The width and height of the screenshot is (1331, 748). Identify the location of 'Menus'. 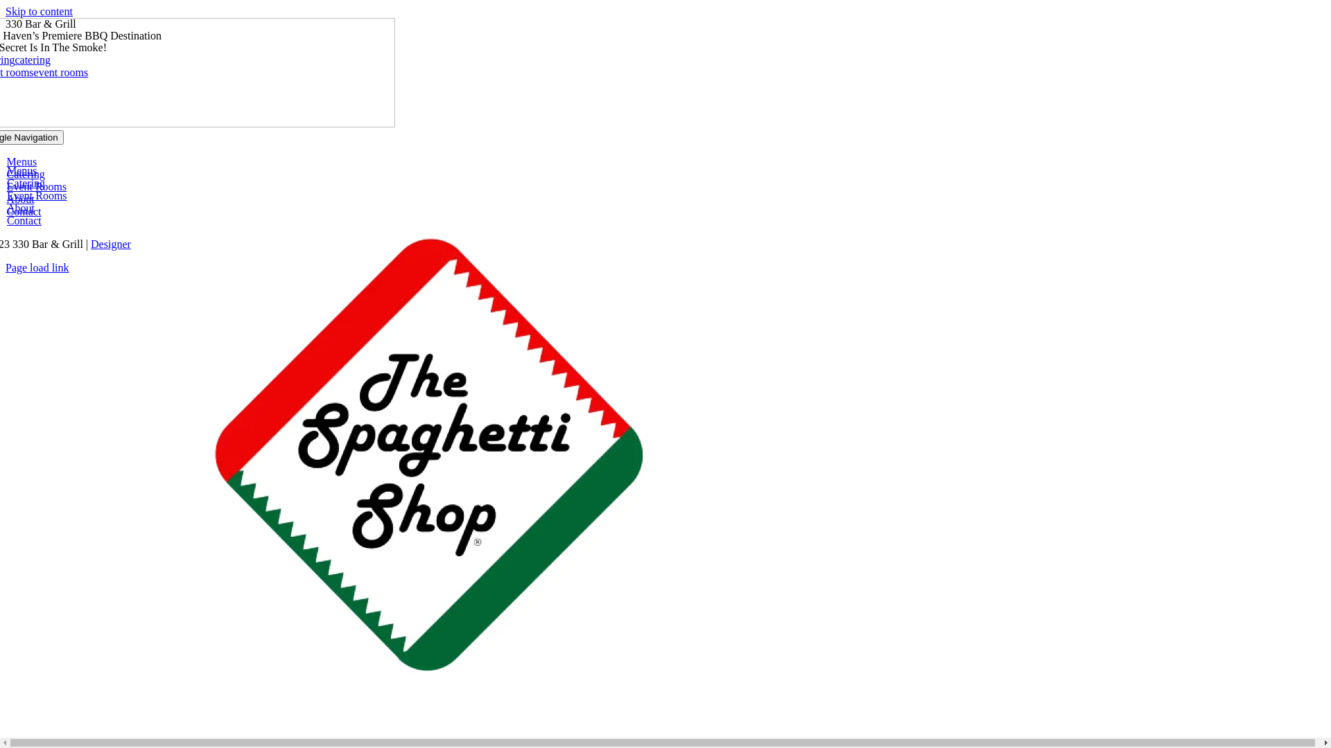
(22, 161).